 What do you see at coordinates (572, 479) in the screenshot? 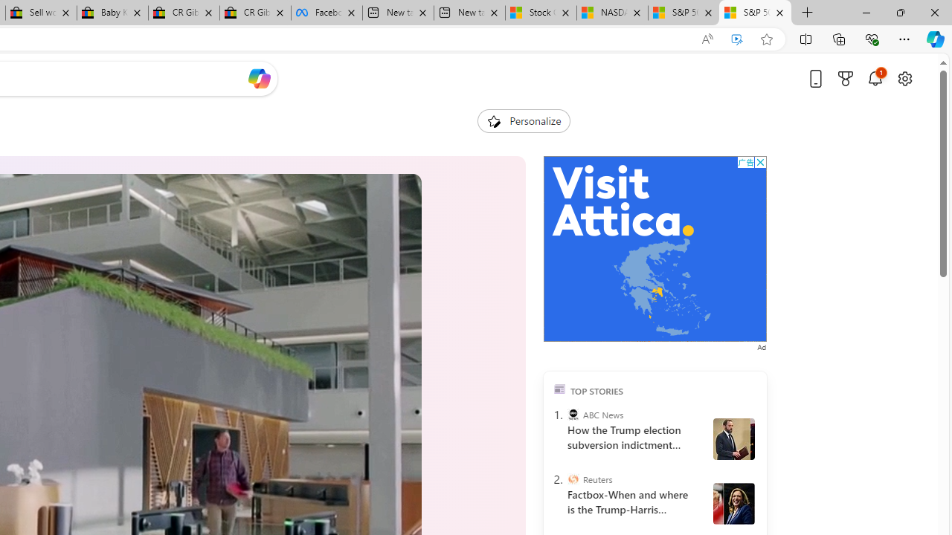
I see `'Reuters'` at bounding box center [572, 479].